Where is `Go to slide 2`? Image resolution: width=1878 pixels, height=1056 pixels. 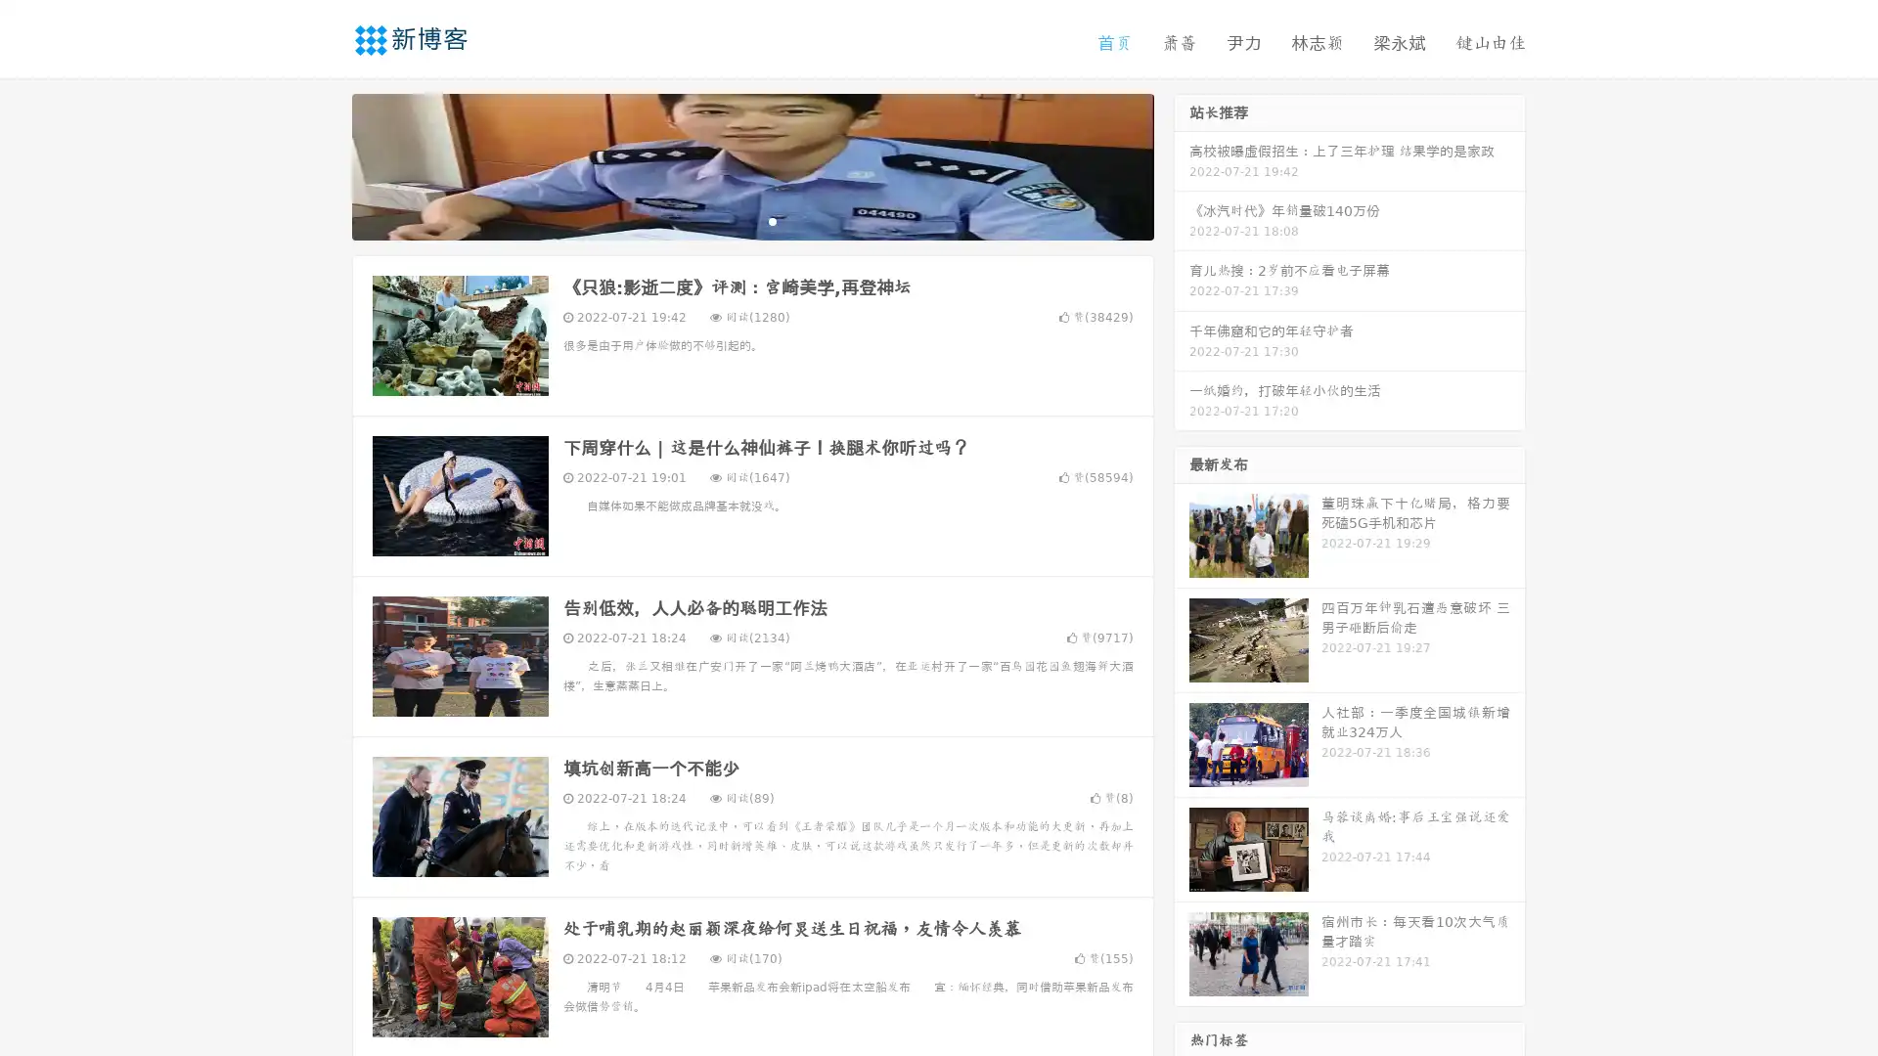
Go to slide 2 is located at coordinates (751, 220).